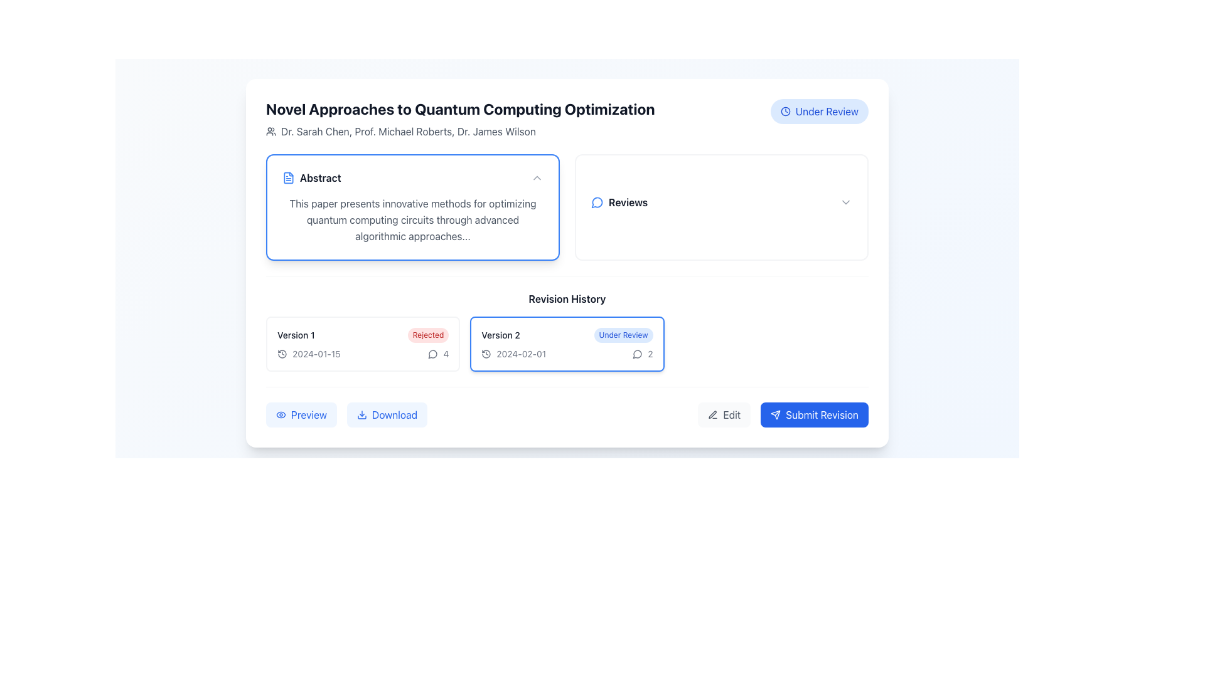  I want to click on the 'Abstract' text label, which serves as a section heading indicating the content of the related document, located within a card under the heading 'Novel Approaches to Quantum Computing Optimization', so click(320, 178).